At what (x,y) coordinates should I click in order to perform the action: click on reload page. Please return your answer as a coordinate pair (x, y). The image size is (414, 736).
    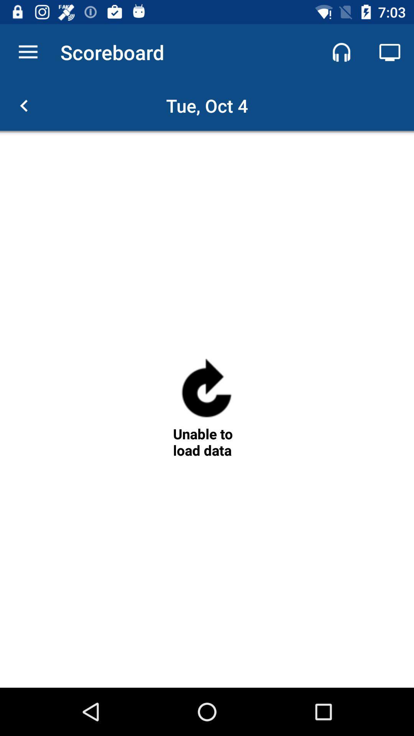
    Looking at the image, I should click on (206, 391).